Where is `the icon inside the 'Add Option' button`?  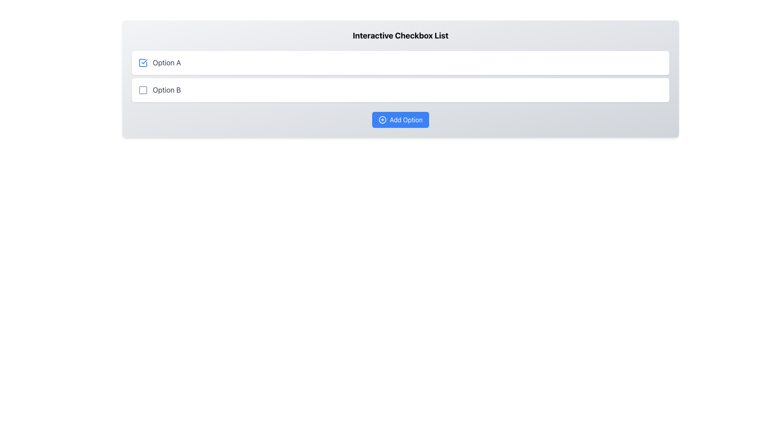
the icon inside the 'Add Option' button is located at coordinates (382, 120).